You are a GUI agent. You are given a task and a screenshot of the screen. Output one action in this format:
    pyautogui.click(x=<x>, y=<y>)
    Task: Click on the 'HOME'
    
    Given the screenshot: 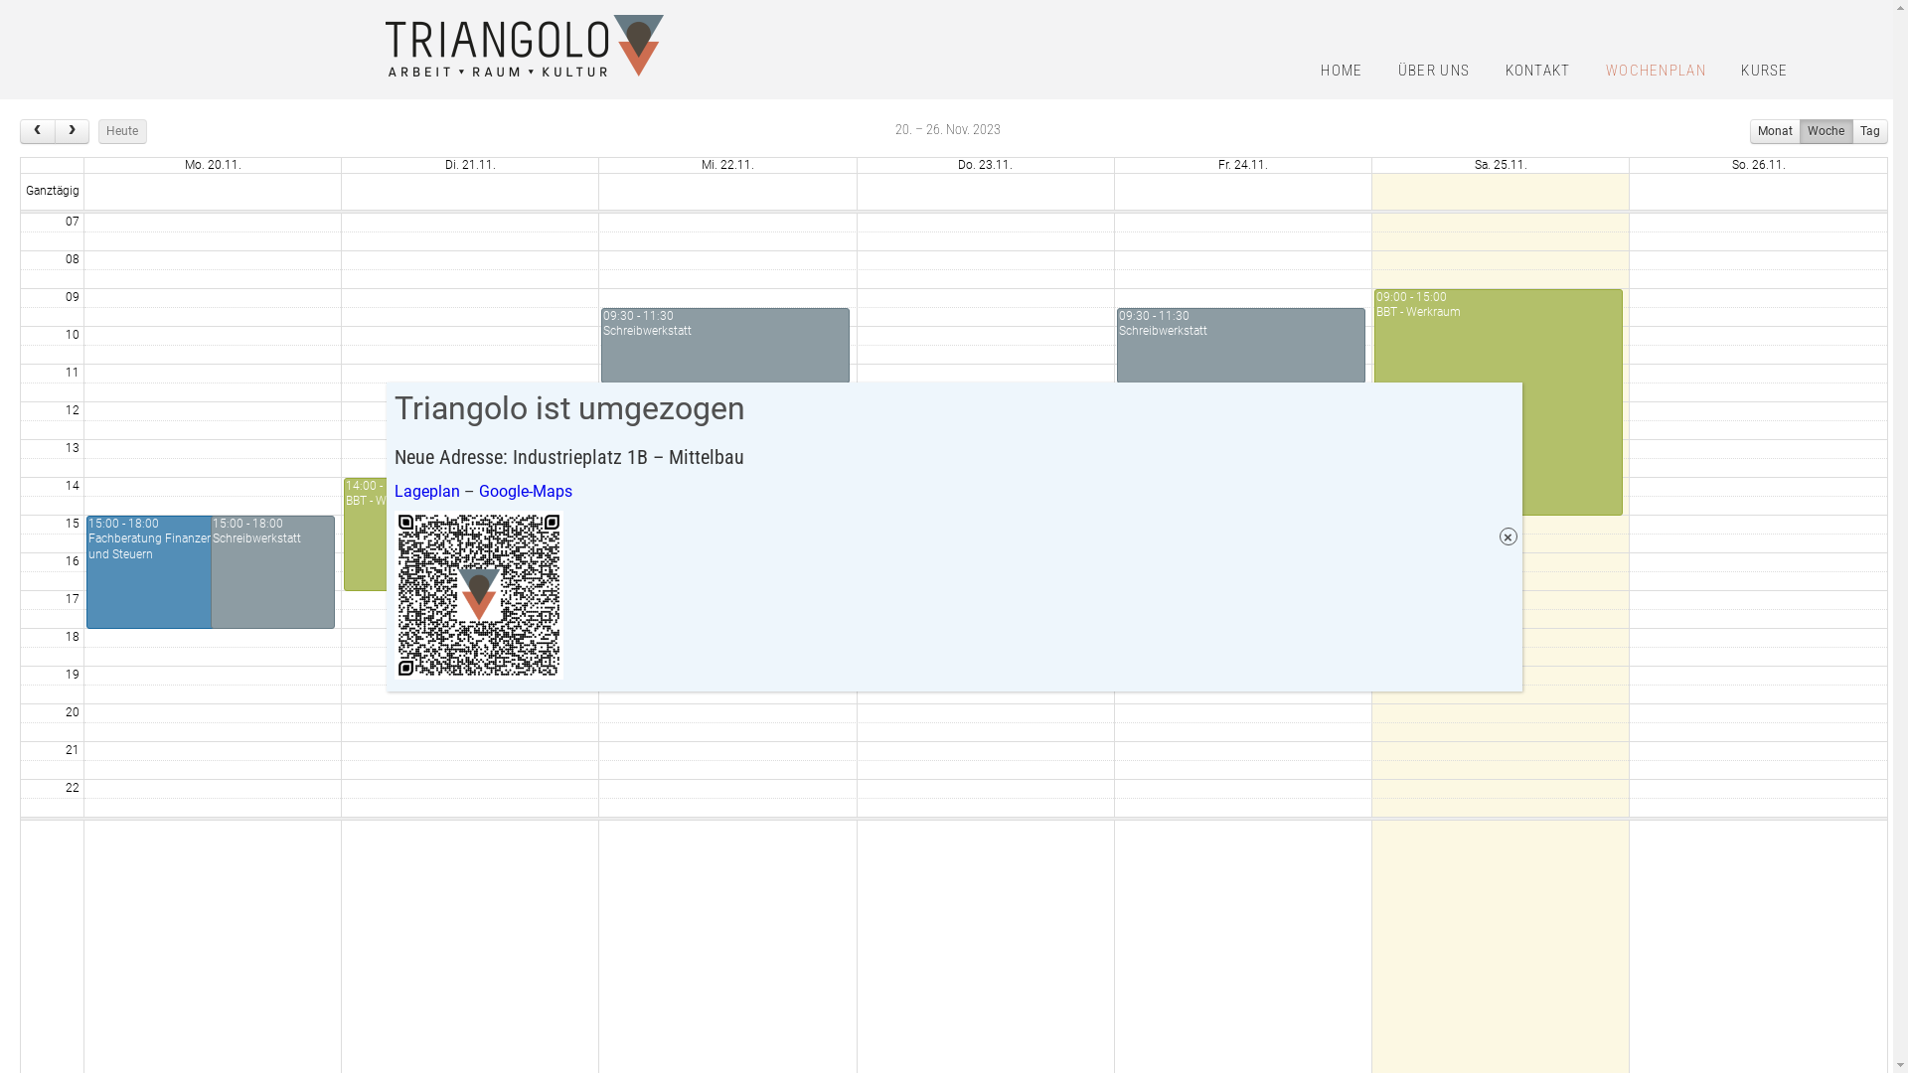 What is the action you would take?
    pyautogui.click(x=1341, y=71)
    